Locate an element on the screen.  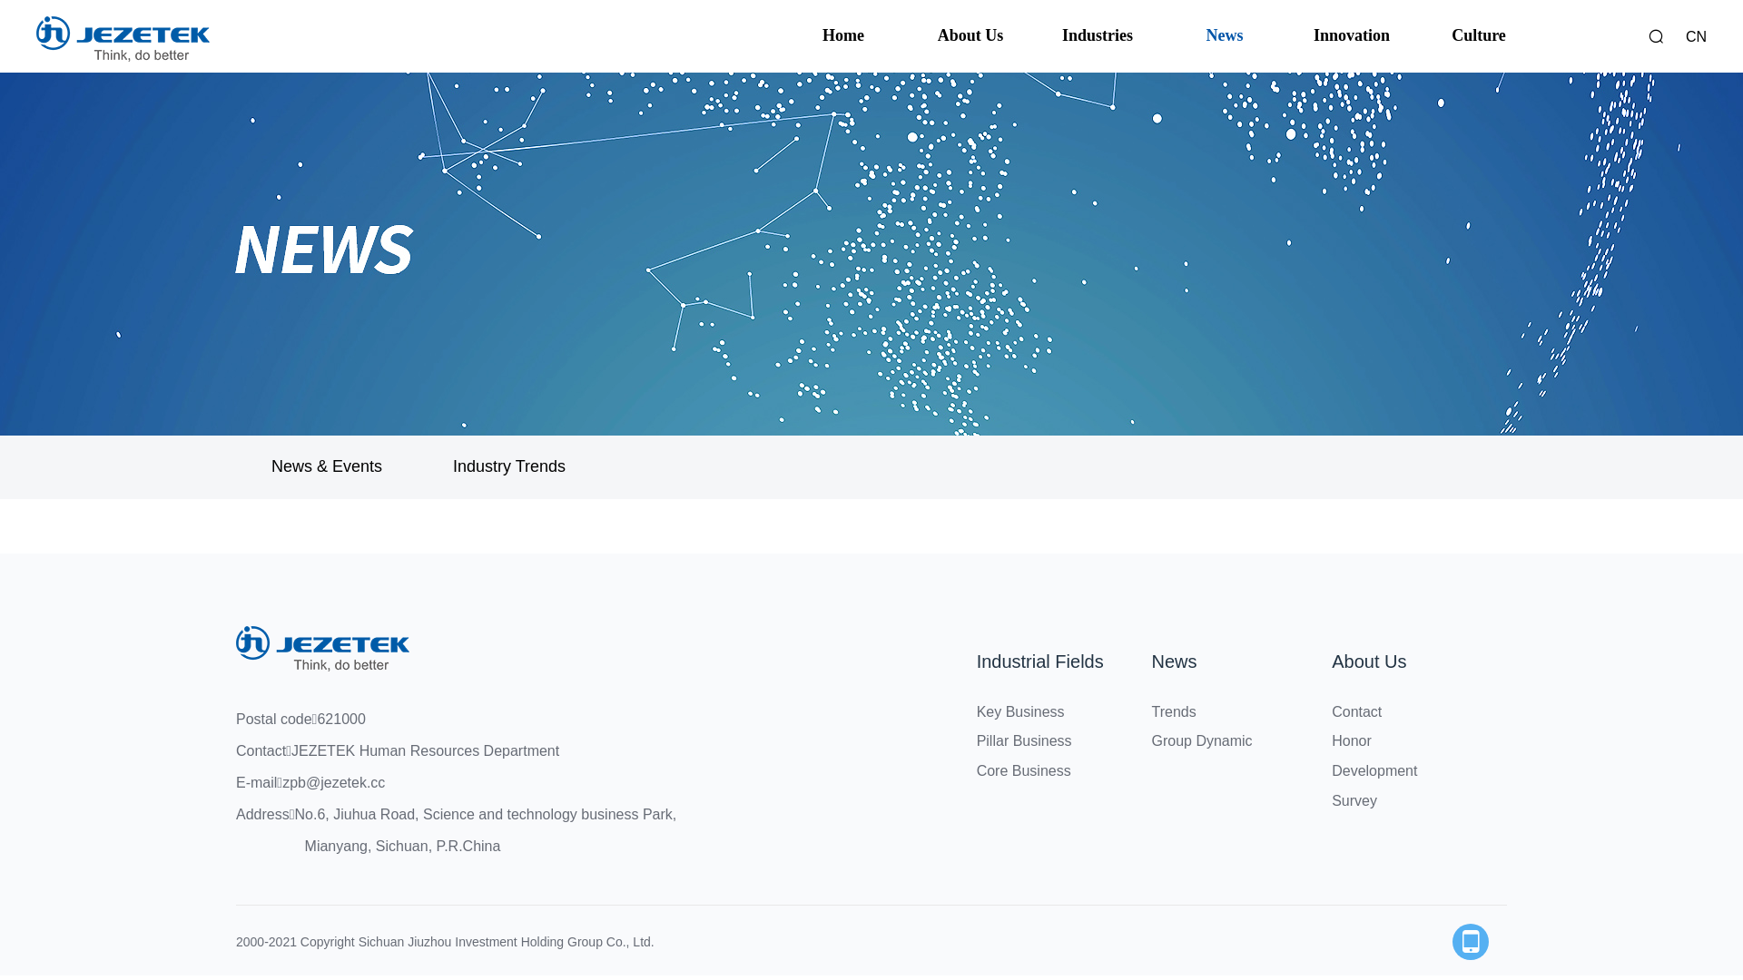
'News is located at coordinates (1179, 35).